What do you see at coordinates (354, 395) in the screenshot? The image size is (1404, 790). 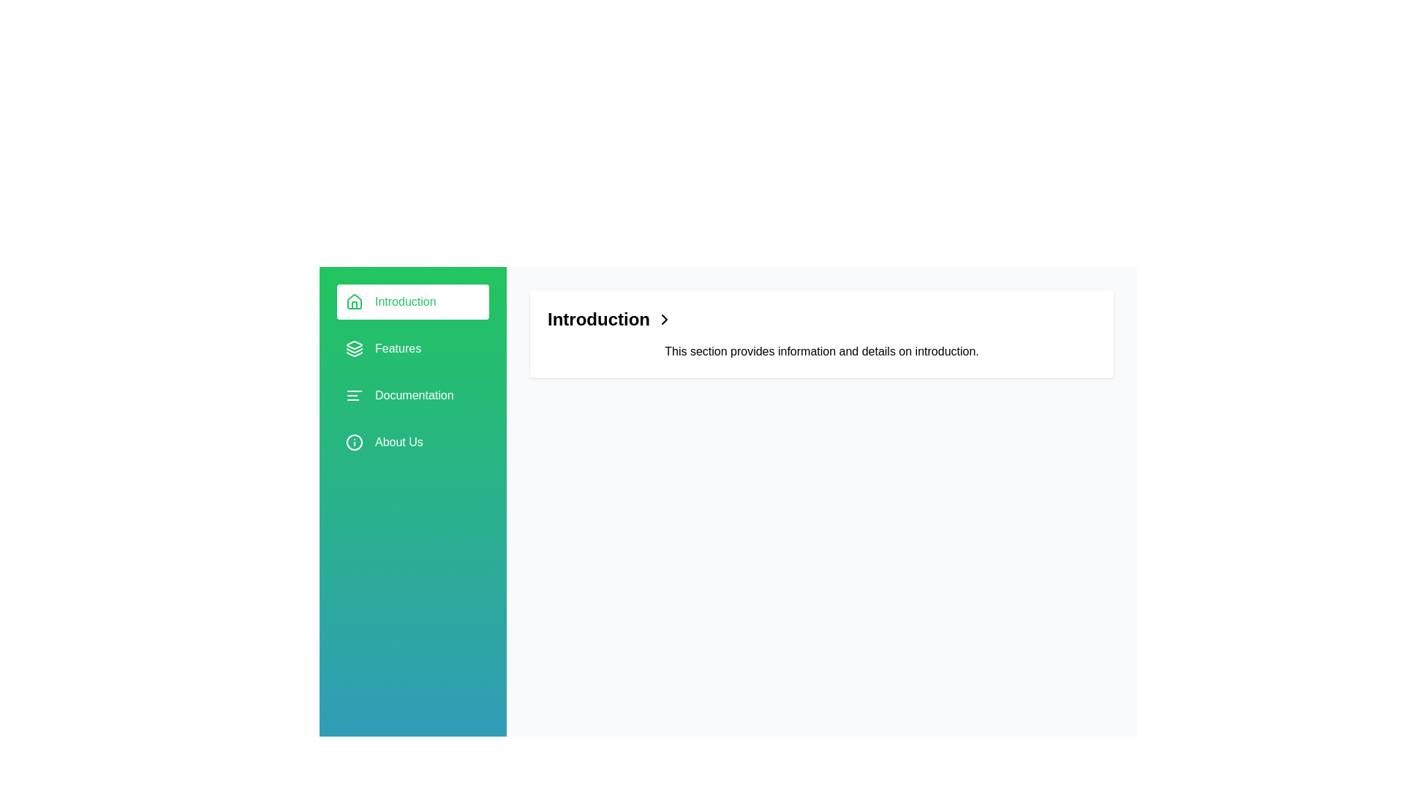 I see `the decorative icon next to the 'Documentation' sidebar option, which is located in a vertical list under 'Features' and above 'About Us'` at bounding box center [354, 395].